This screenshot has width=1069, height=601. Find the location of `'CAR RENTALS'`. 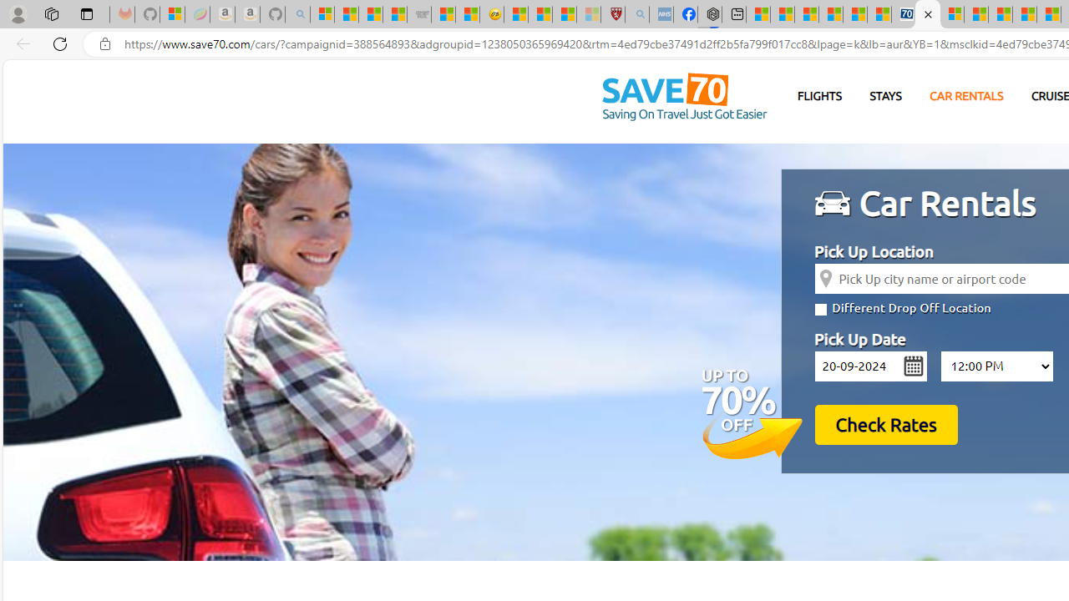

'CAR RENTALS' is located at coordinates (966, 96).